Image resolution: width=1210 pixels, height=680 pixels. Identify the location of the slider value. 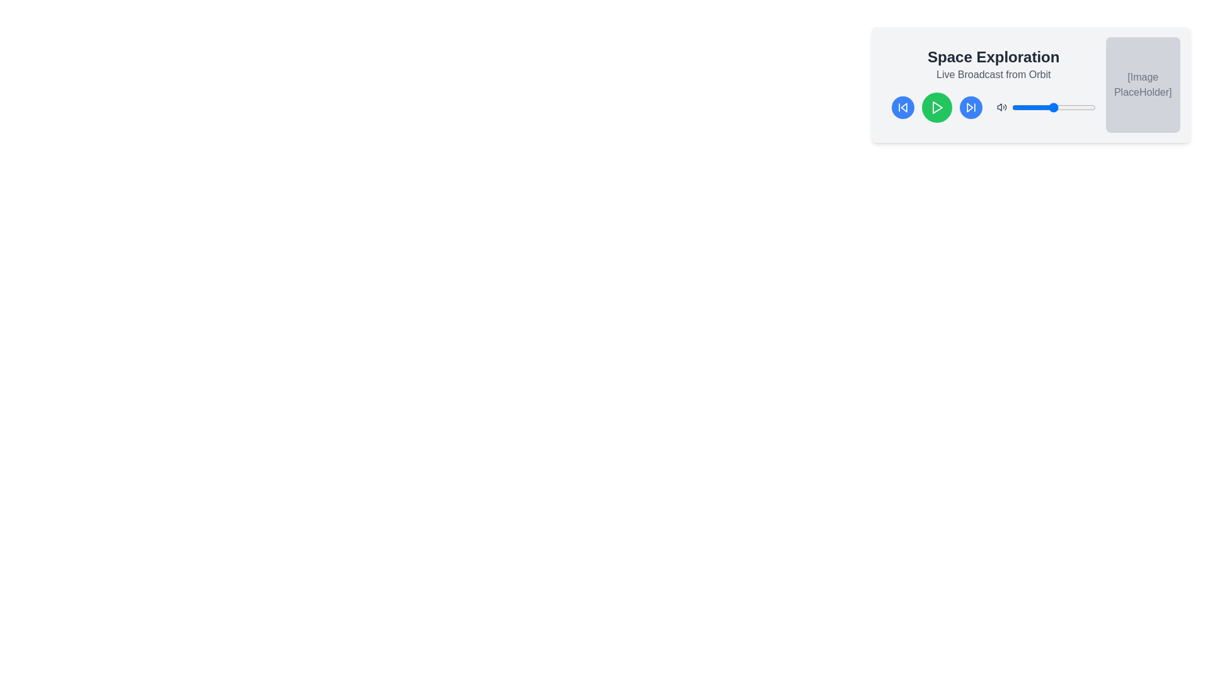
(1090, 106).